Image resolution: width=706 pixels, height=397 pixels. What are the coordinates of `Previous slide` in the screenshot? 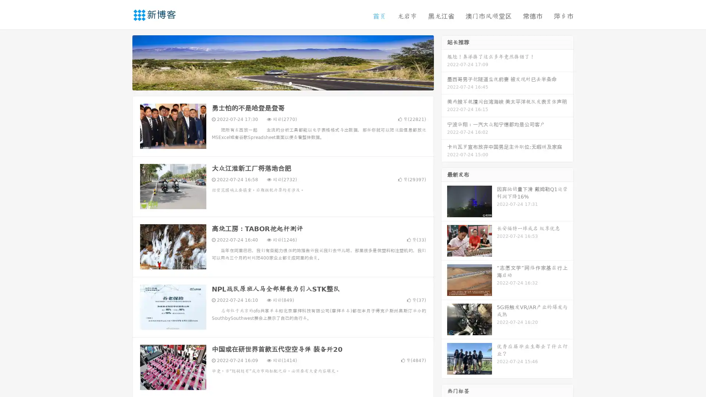 It's located at (121, 62).